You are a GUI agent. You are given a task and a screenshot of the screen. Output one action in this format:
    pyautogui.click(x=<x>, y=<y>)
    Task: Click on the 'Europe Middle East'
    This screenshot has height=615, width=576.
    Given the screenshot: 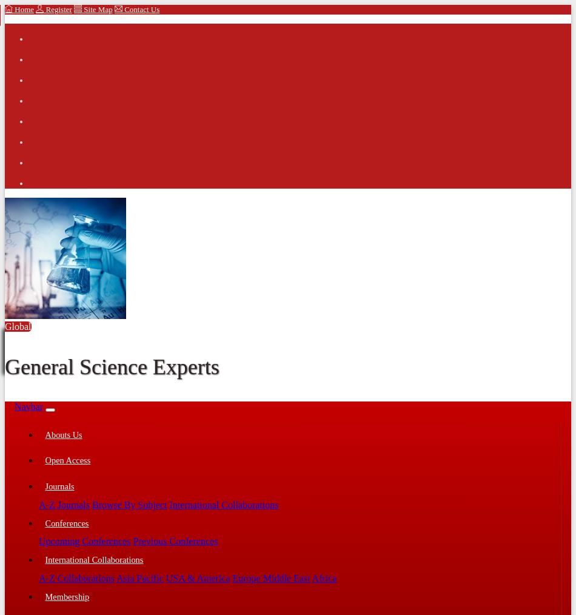 What is the action you would take?
    pyautogui.click(x=270, y=577)
    